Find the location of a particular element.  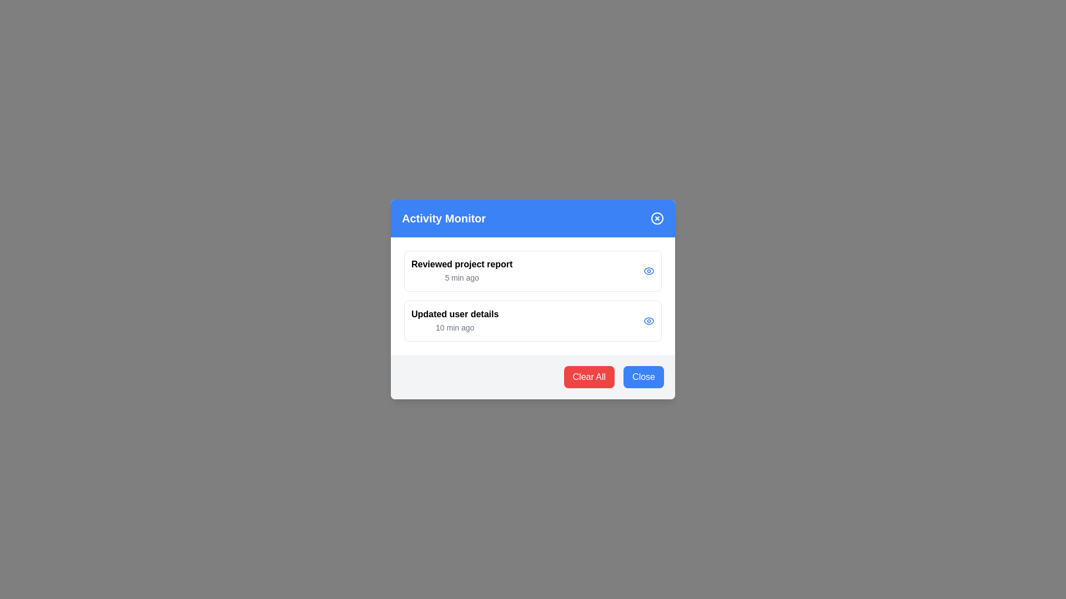

the eye icon for the activity item Reviewed project report is located at coordinates (649, 271).